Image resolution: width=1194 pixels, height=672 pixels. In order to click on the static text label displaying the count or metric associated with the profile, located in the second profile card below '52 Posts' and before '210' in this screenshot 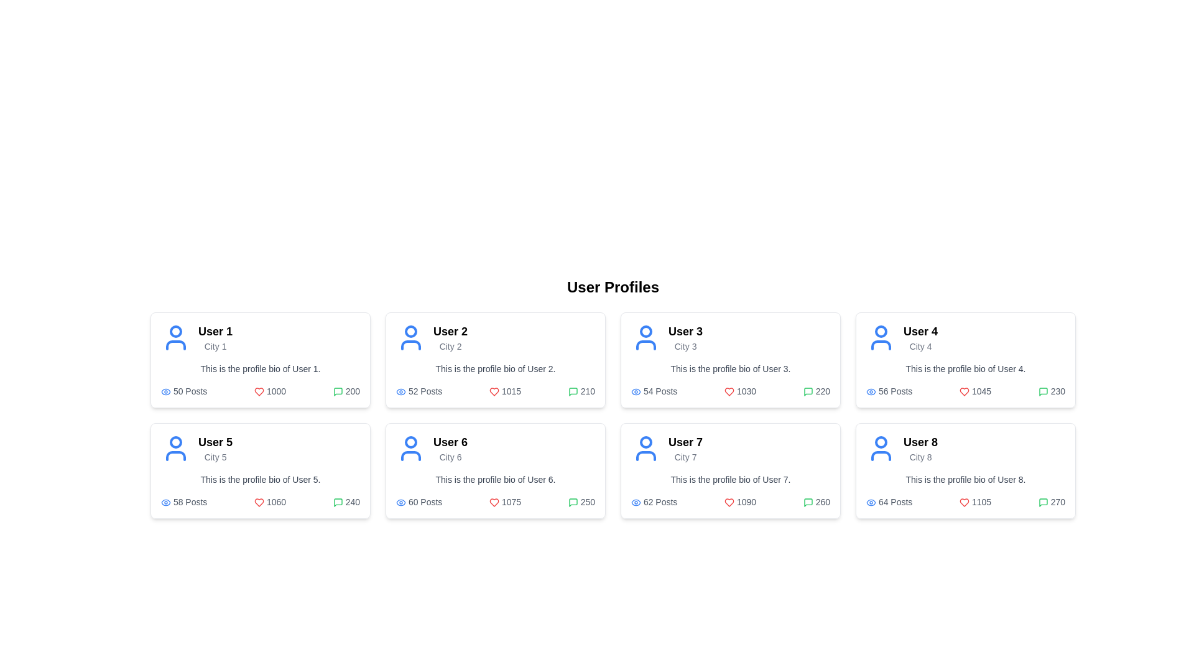, I will do `click(505, 390)`.